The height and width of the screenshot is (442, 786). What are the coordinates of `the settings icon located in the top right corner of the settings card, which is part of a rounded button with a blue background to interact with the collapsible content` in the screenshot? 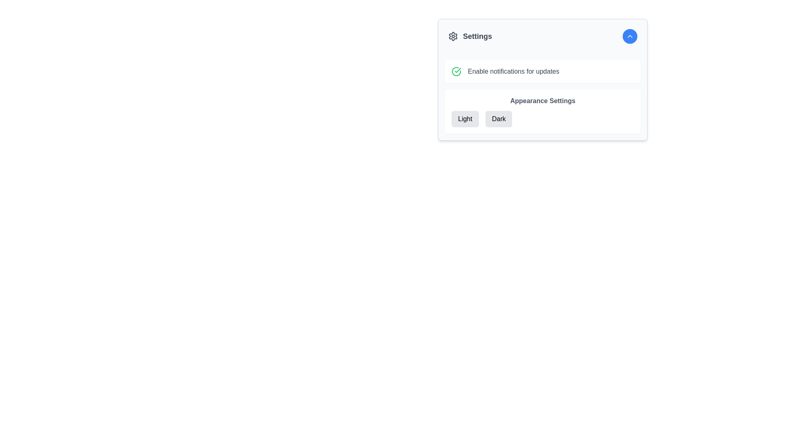 It's located at (630, 36).